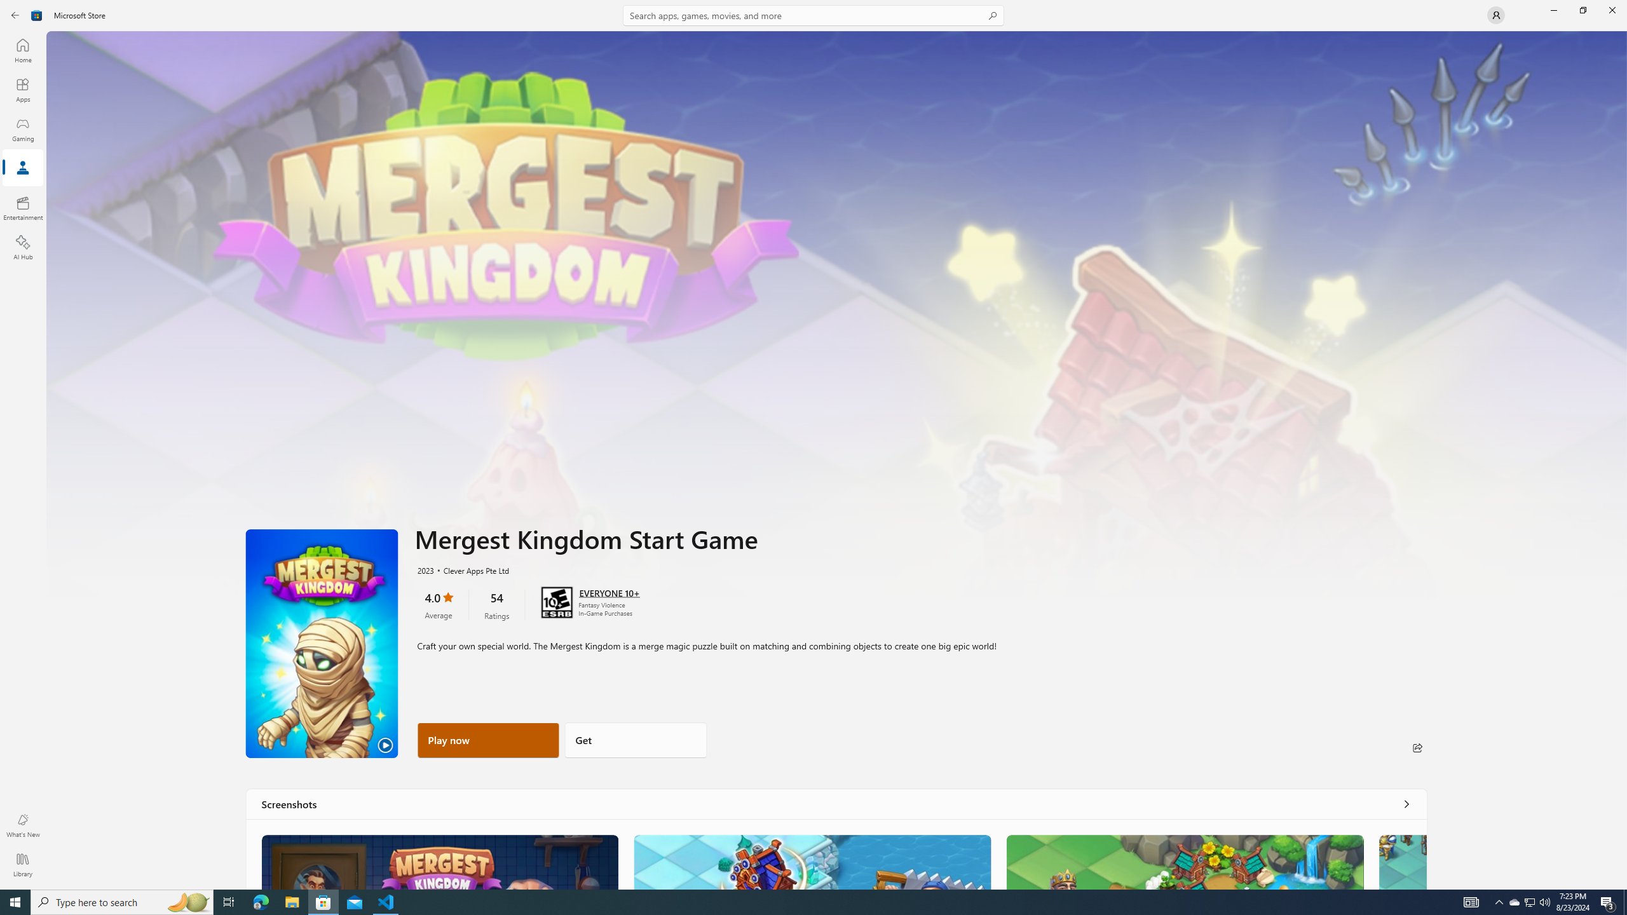 The height and width of the screenshot is (915, 1627). I want to click on 'Library', so click(22, 864).